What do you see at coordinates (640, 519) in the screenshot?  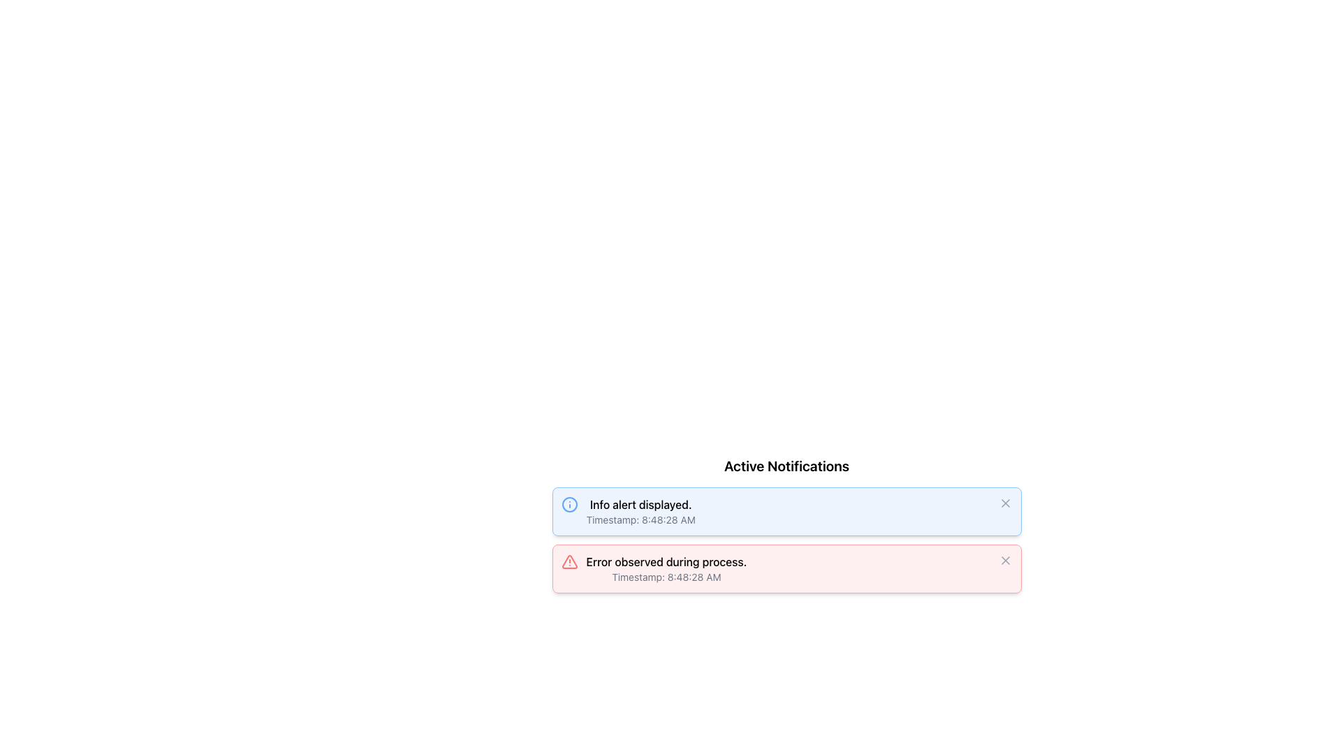 I see `the text display showing the timestamp '8:48:28 AM' located underneath the 'Info alert displayed.' text within a blue notification box` at bounding box center [640, 519].